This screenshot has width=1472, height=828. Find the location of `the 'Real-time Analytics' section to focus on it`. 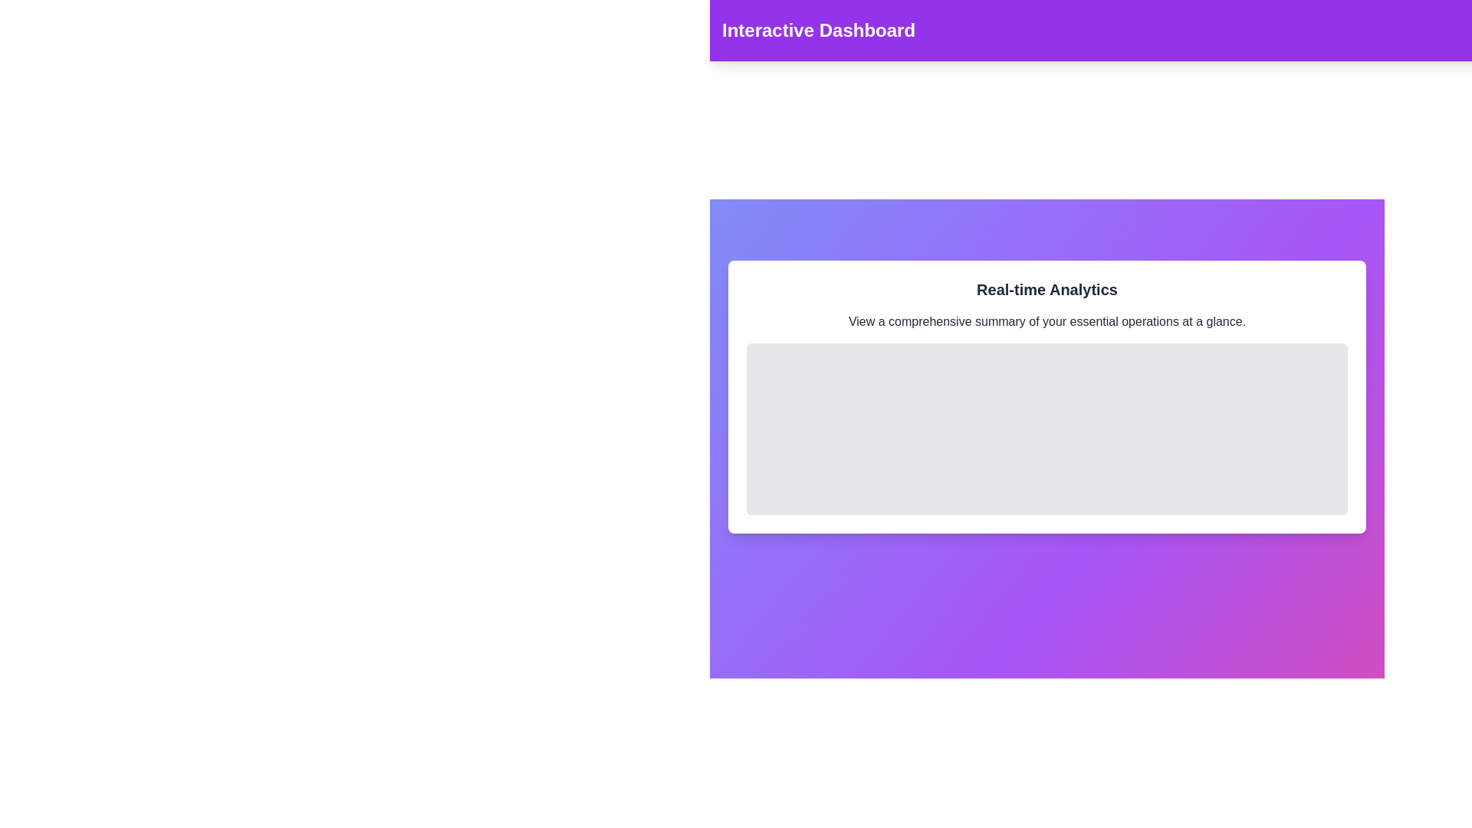

the 'Real-time Analytics' section to focus on it is located at coordinates (1046, 396).